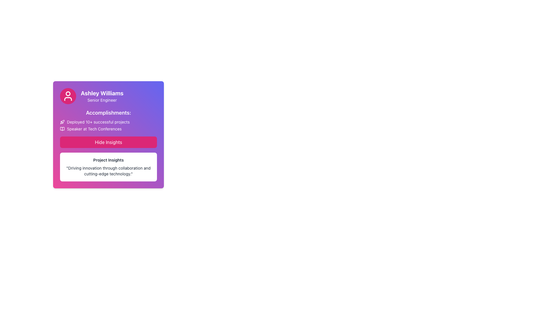 The height and width of the screenshot is (311, 554). What do you see at coordinates (102, 93) in the screenshot?
I see `displayed name 'Ashley Williams' from the bold text at the top of the colorful gradient card` at bounding box center [102, 93].